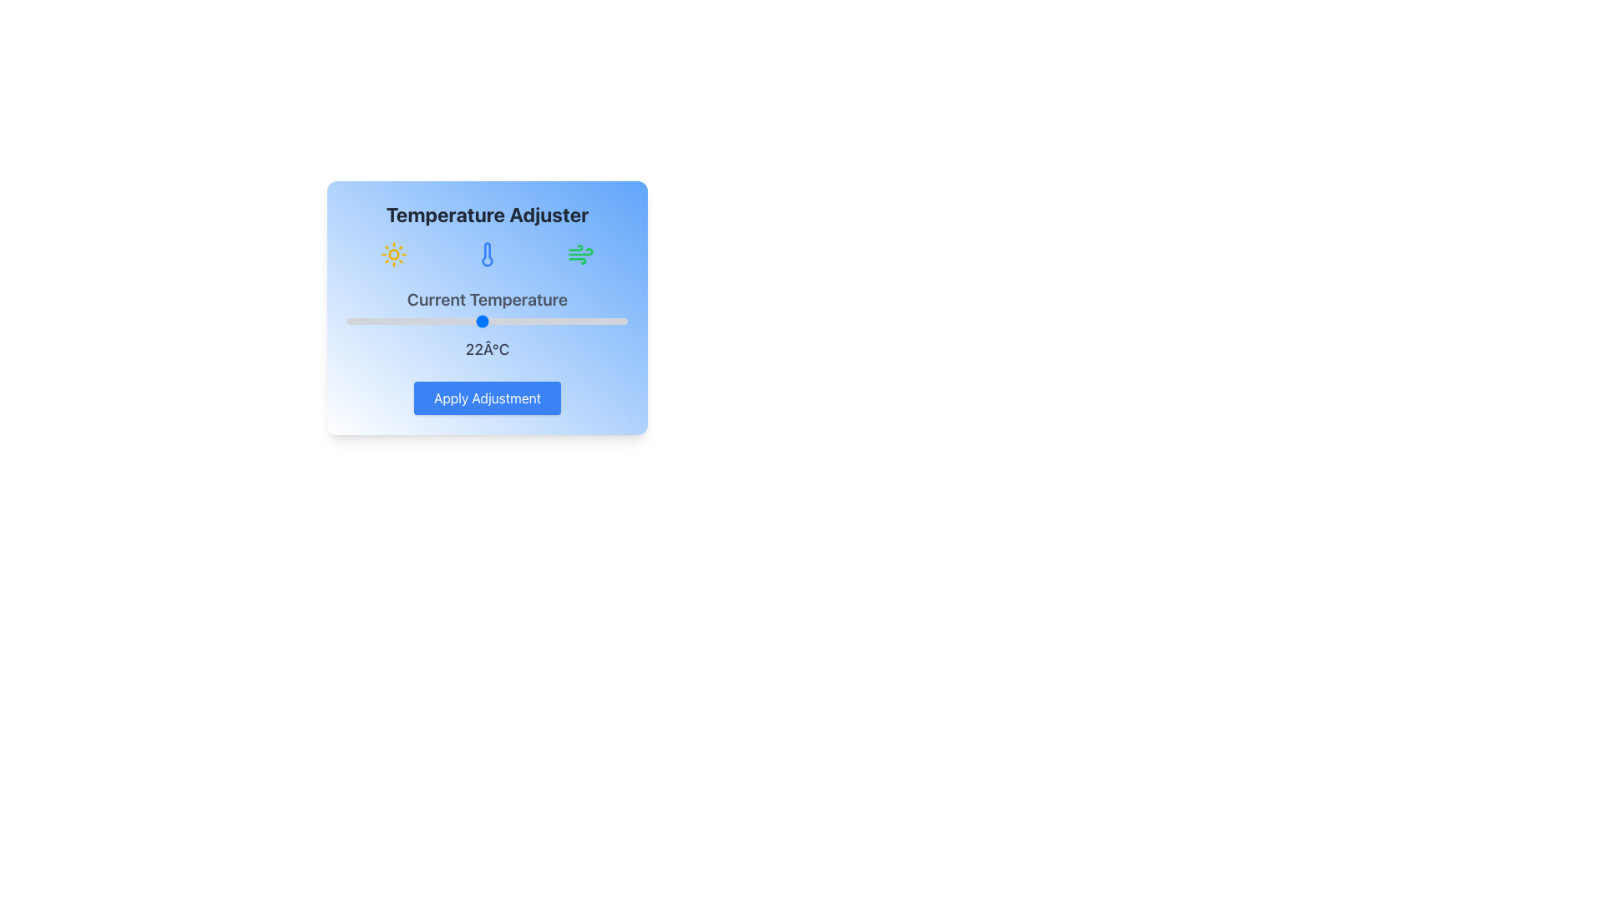  Describe the element at coordinates (492, 322) in the screenshot. I see `the temperature` at that location.